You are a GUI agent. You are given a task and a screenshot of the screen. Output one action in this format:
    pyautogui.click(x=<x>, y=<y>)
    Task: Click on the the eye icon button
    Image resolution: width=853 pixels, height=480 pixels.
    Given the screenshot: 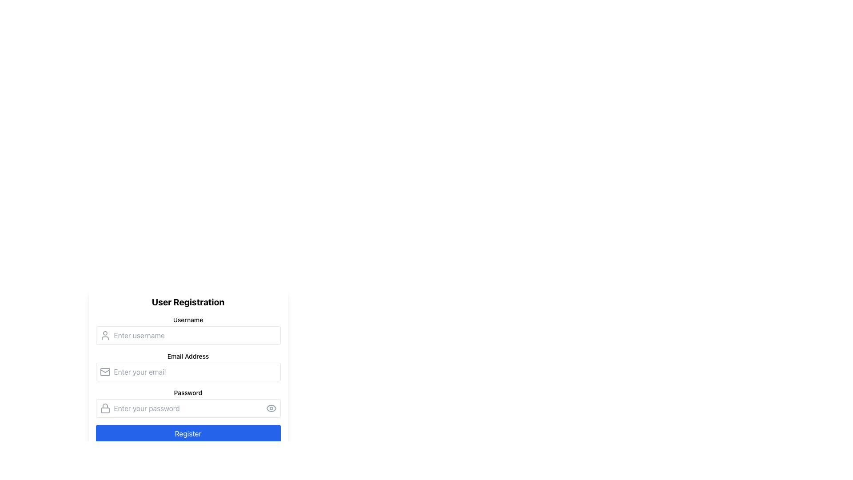 What is the action you would take?
    pyautogui.click(x=271, y=408)
    